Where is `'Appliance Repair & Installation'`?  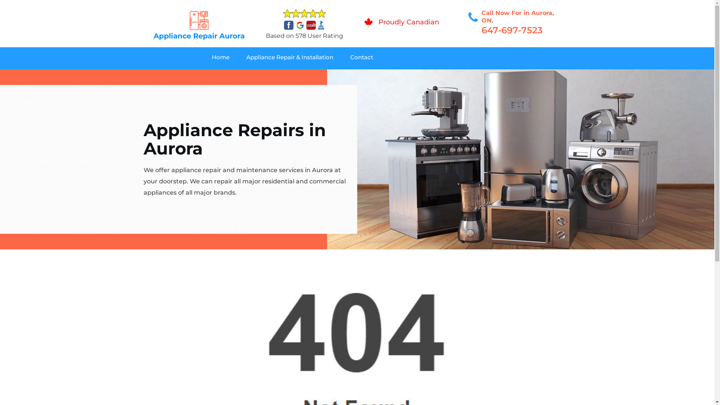
'Appliance Repair & Installation' is located at coordinates (298, 58).